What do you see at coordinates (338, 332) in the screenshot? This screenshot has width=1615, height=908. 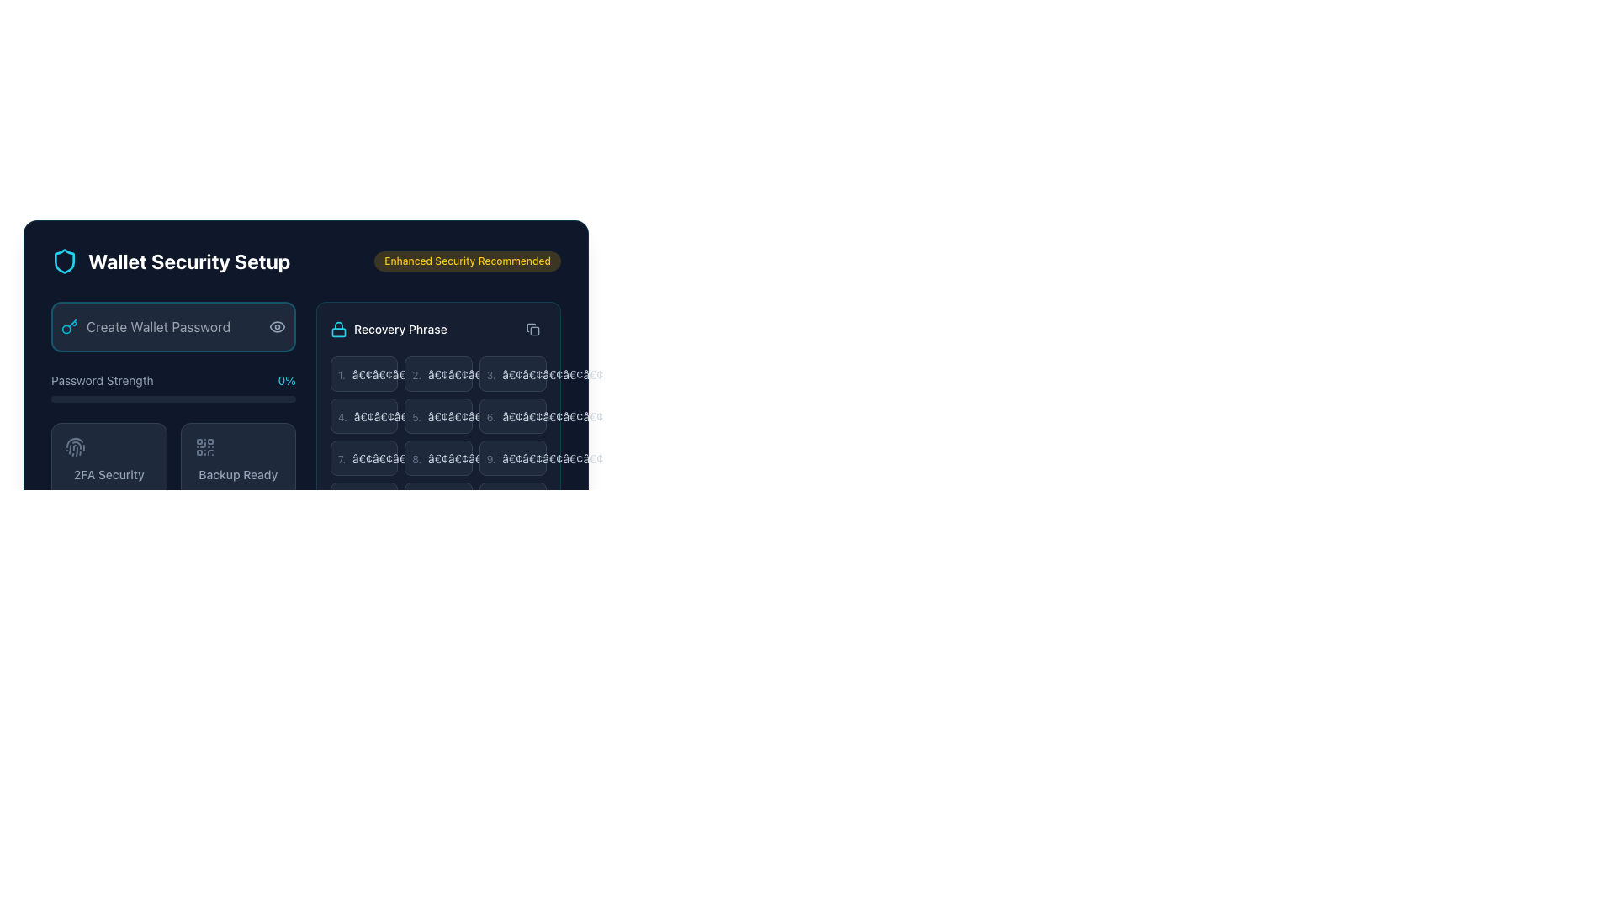 I see `the visual representation of the lock icon body component, which is located below the arc structure of the lock icon` at bounding box center [338, 332].